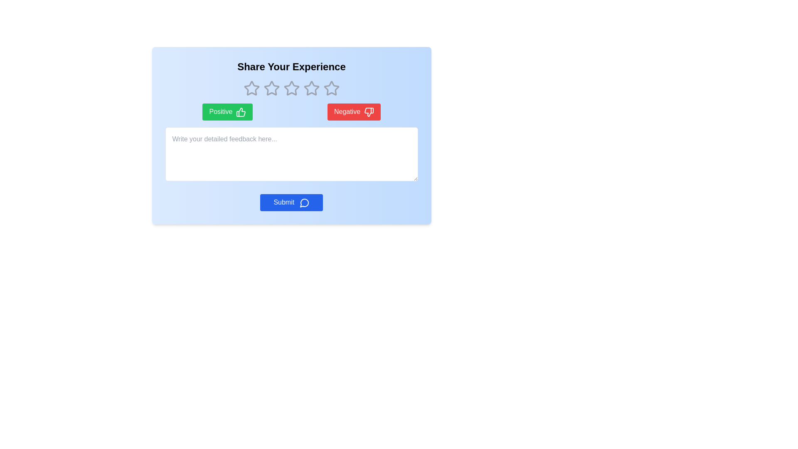 Image resolution: width=798 pixels, height=449 pixels. Describe the element at coordinates (331, 88) in the screenshot. I see `the eighth star-shaped rating icon` at that location.